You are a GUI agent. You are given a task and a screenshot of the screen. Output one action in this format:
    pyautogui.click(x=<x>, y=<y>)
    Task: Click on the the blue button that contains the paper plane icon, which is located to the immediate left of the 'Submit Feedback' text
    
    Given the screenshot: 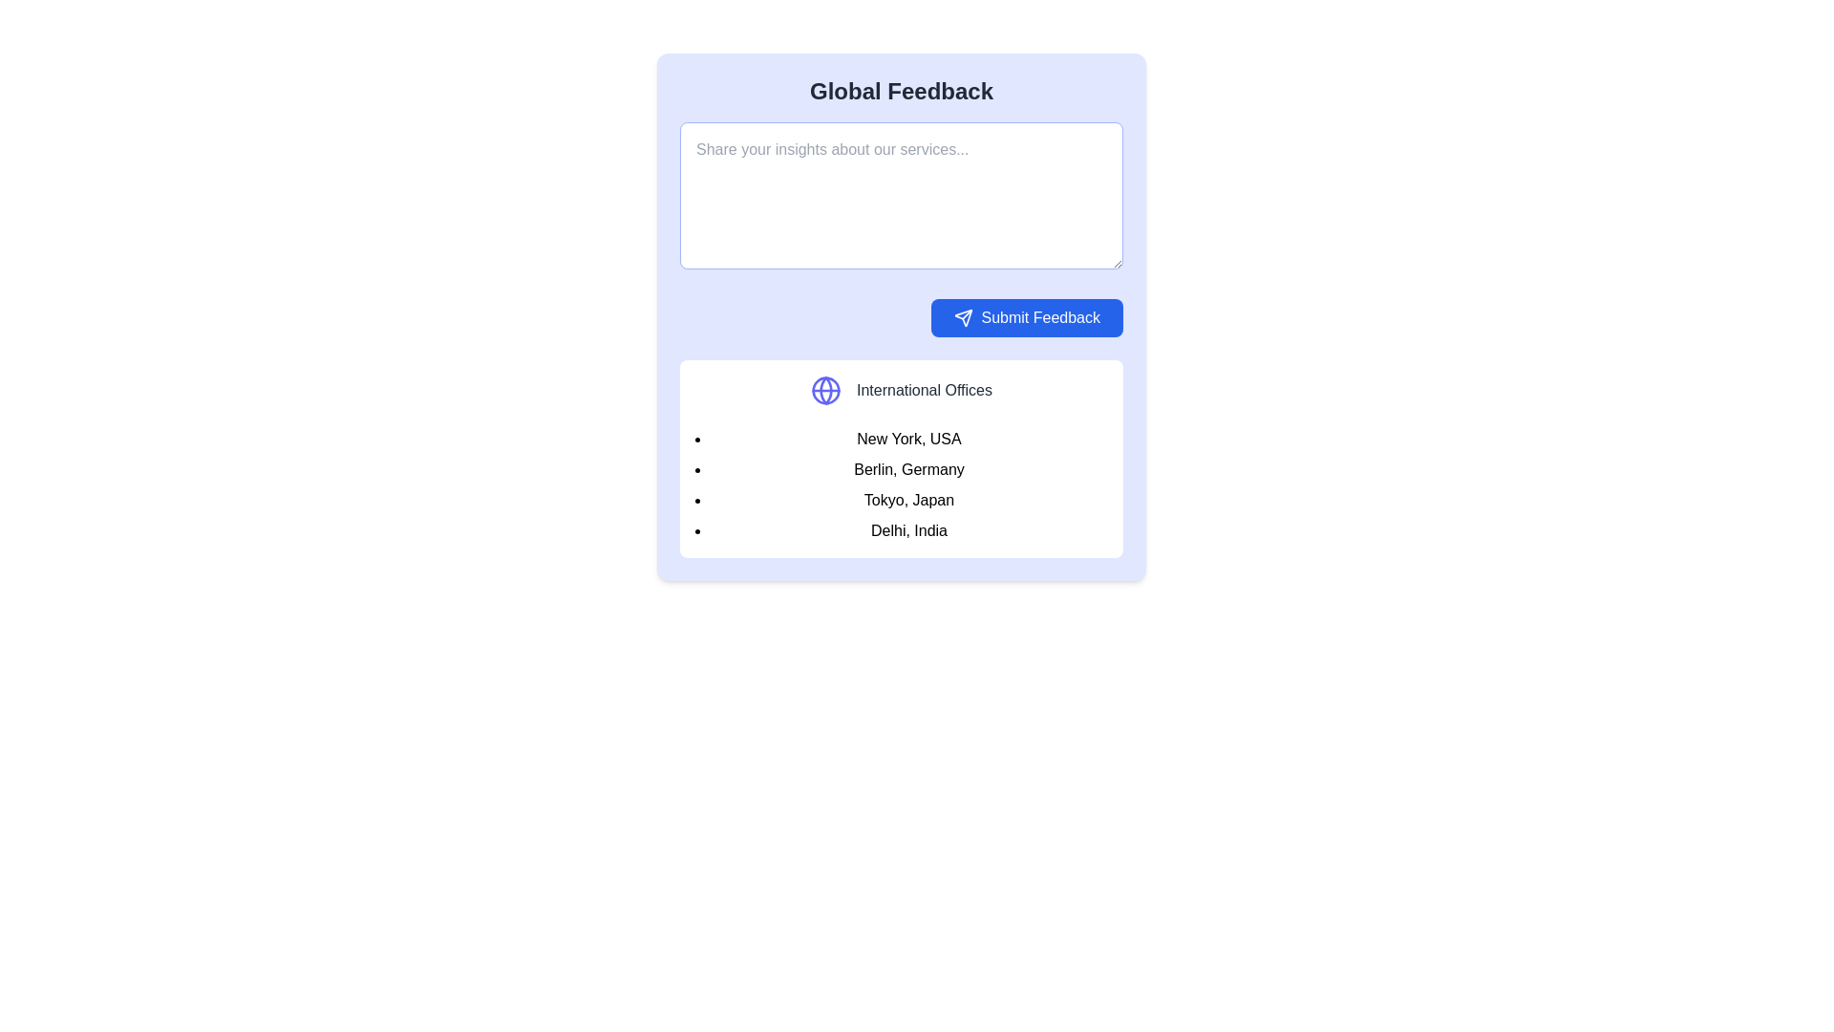 What is the action you would take?
    pyautogui.click(x=964, y=316)
    